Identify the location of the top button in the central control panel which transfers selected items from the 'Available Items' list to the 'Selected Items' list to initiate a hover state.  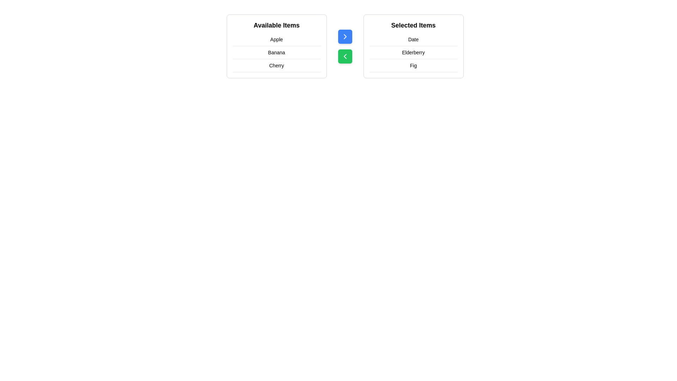
(345, 36).